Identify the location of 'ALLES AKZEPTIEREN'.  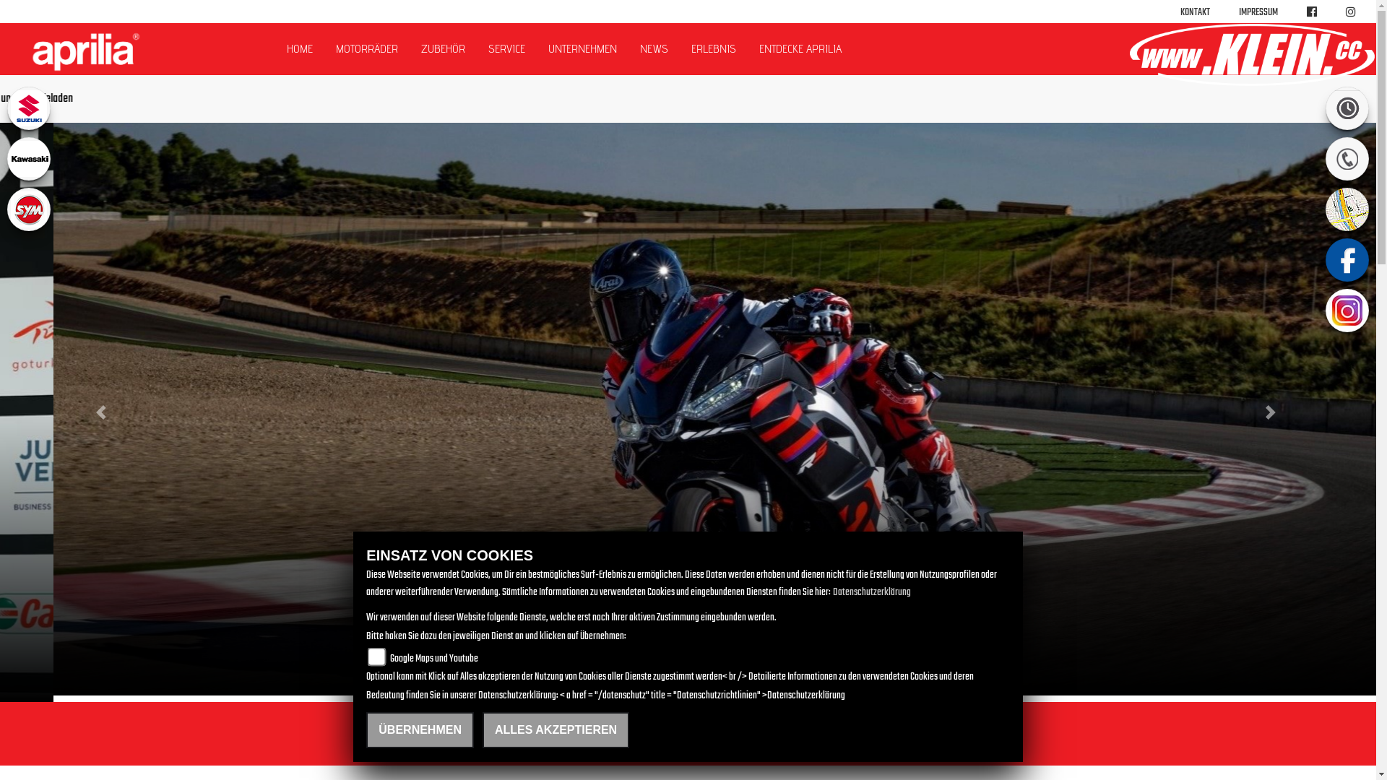
(555, 729).